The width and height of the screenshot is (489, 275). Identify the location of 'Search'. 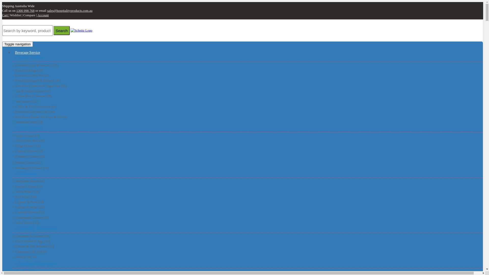
(53, 30).